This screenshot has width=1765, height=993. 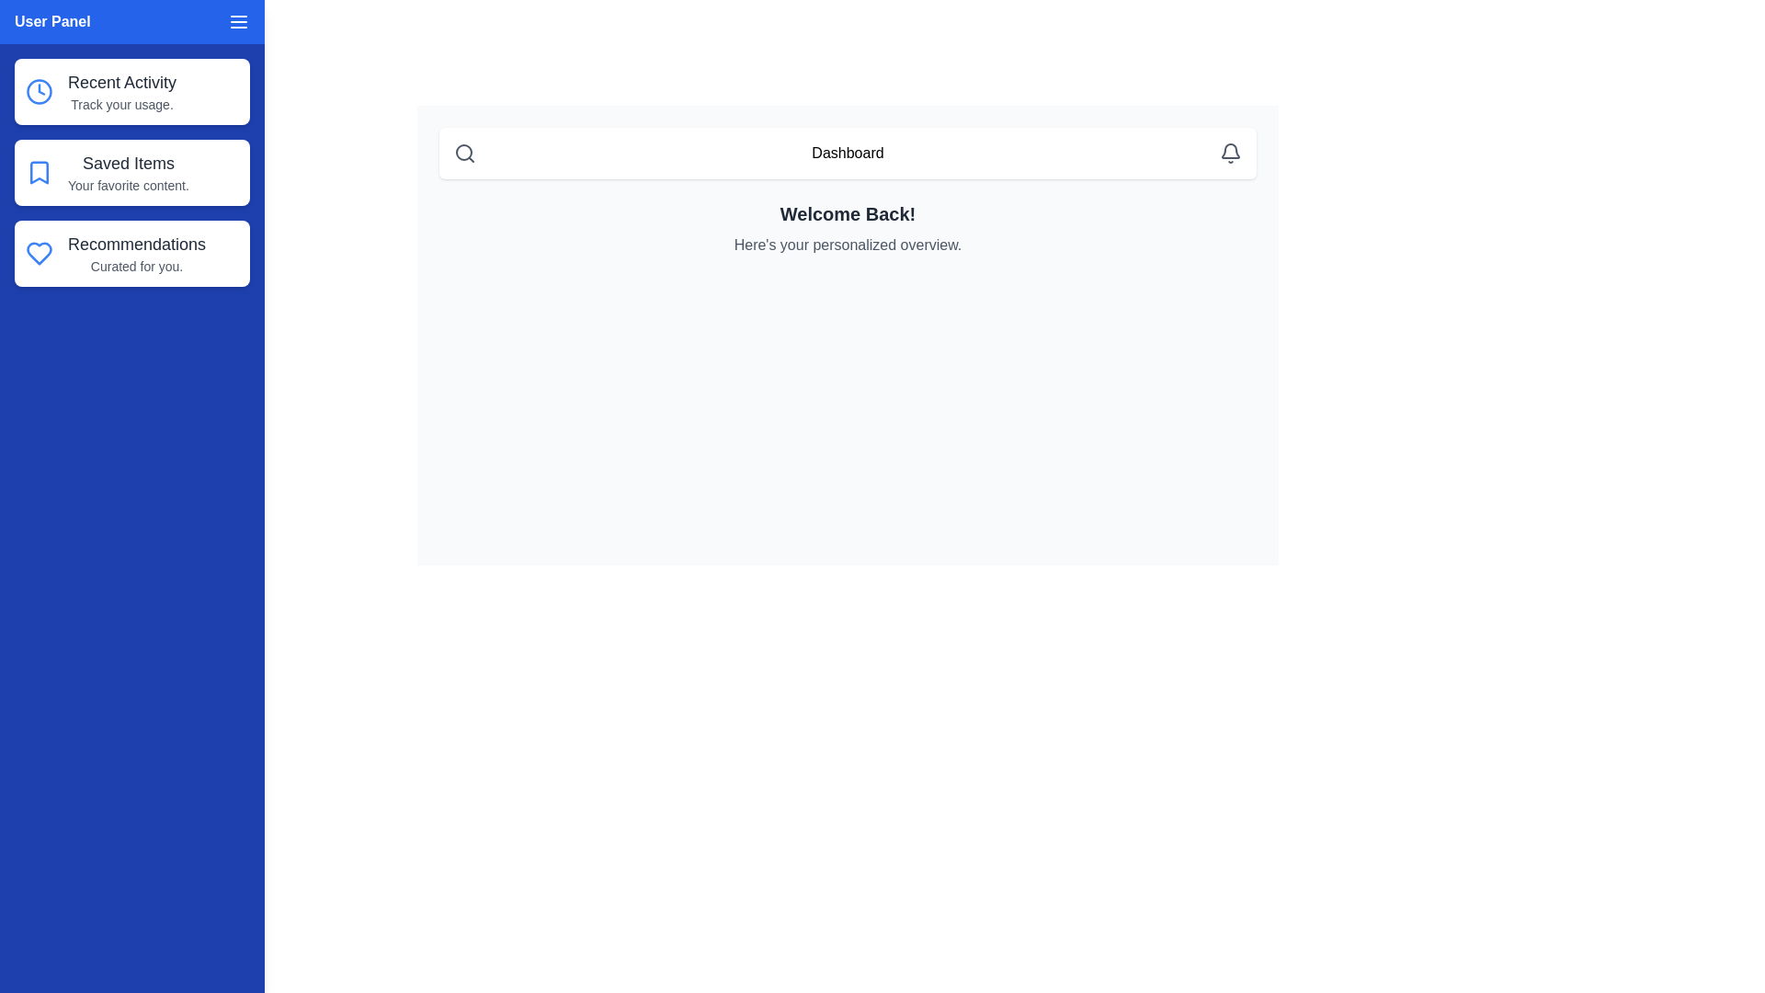 What do you see at coordinates (131, 92) in the screenshot?
I see `the menu item Recent Activity from the InteractiveUserDrawer` at bounding box center [131, 92].